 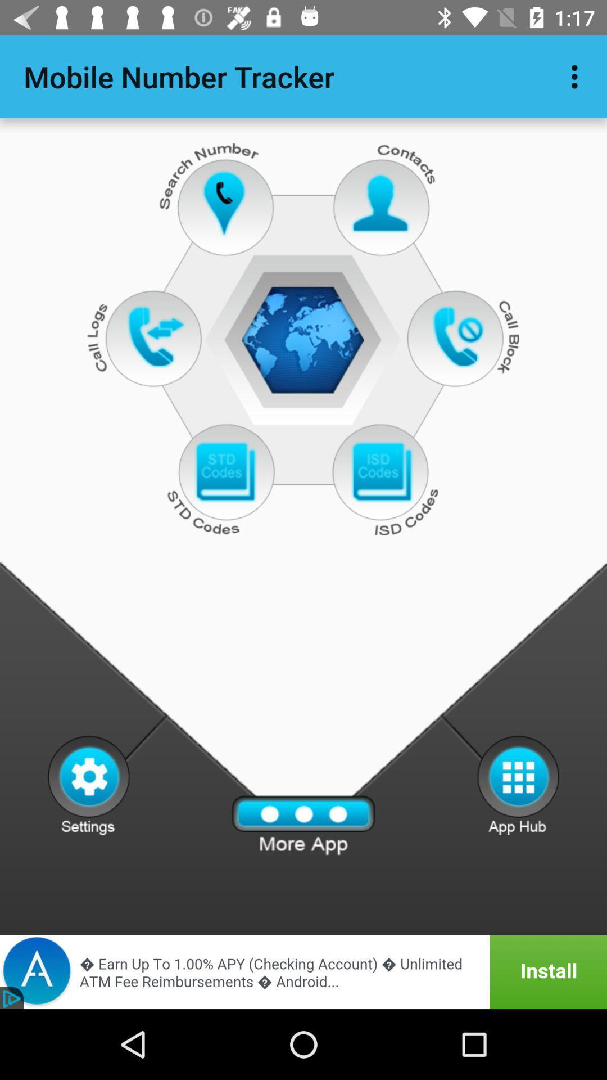 I want to click on search number, so click(x=225, y=204).